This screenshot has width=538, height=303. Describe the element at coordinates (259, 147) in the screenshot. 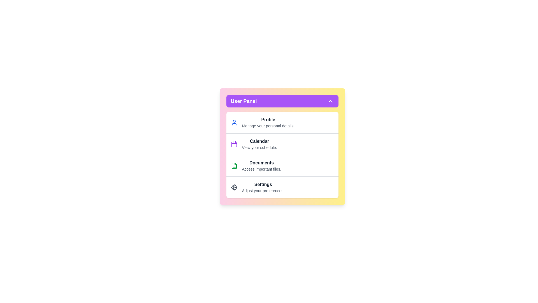

I see `the Text label that provides additional information about the 'Calendar' feature, which is located directly below the 'Calendar' text in the user panel` at that location.